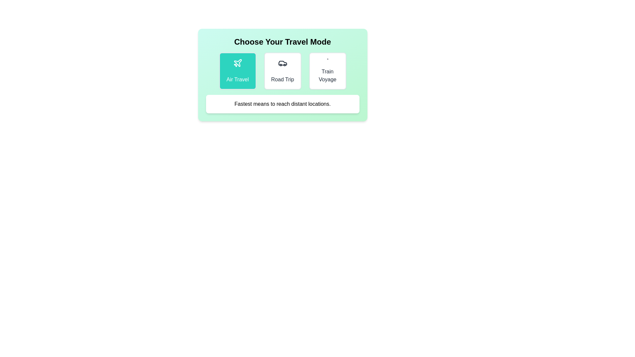  What do you see at coordinates (237, 71) in the screenshot?
I see `the currently selected travel mode to ensure its description is displayed` at bounding box center [237, 71].